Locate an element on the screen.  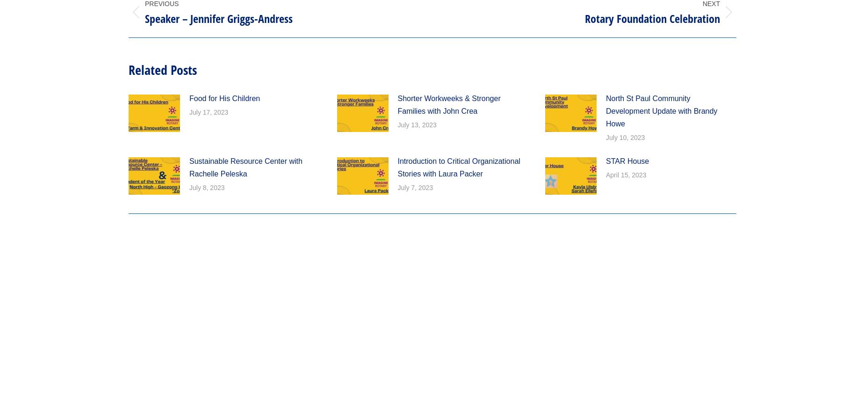
'PO Box 9248' is located at coordinates (298, 31).